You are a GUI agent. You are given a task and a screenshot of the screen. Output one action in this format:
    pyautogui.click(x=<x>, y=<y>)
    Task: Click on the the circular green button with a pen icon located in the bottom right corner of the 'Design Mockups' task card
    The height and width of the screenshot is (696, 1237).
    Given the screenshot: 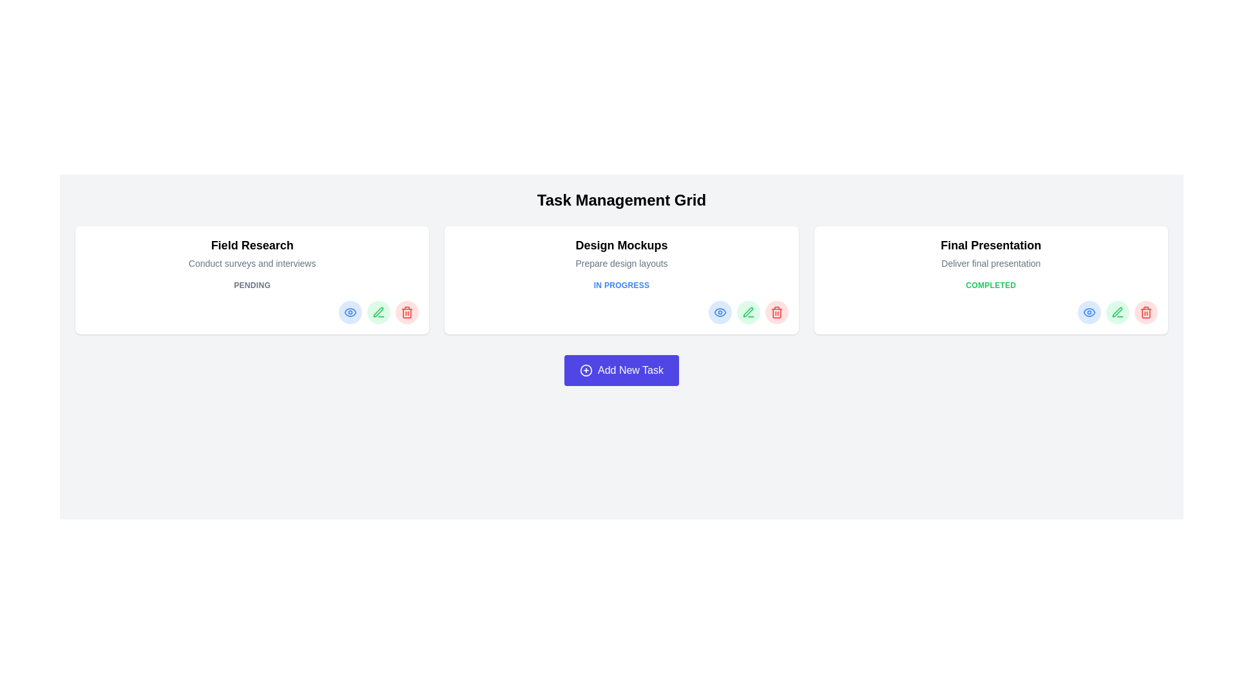 What is the action you would take?
    pyautogui.click(x=748, y=313)
    